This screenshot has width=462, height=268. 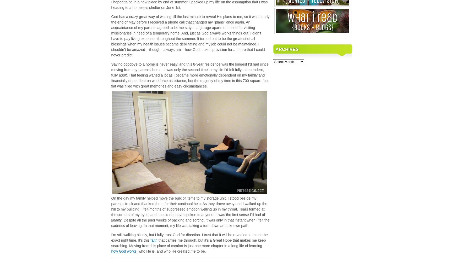 I want to click on 'crazy', so click(x=133, y=16).